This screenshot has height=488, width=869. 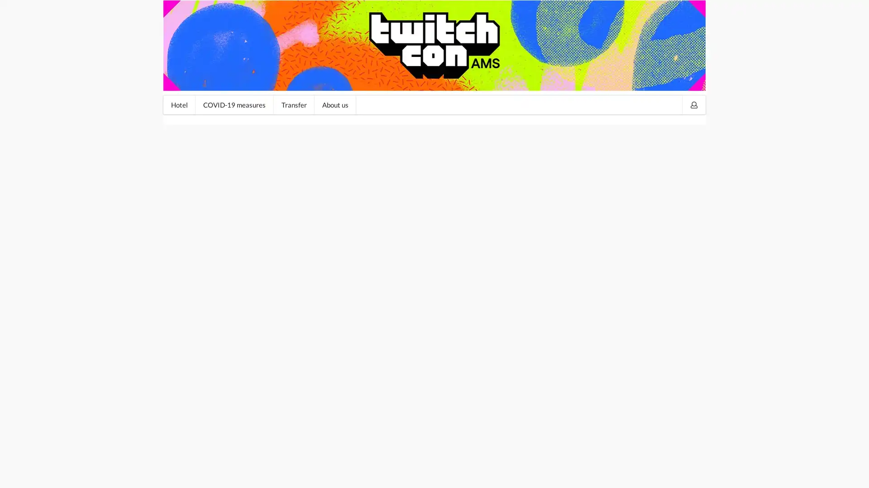 What do you see at coordinates (671, 473) in the screenshot?
I see `Allow All` at bounding box center [671, 473].